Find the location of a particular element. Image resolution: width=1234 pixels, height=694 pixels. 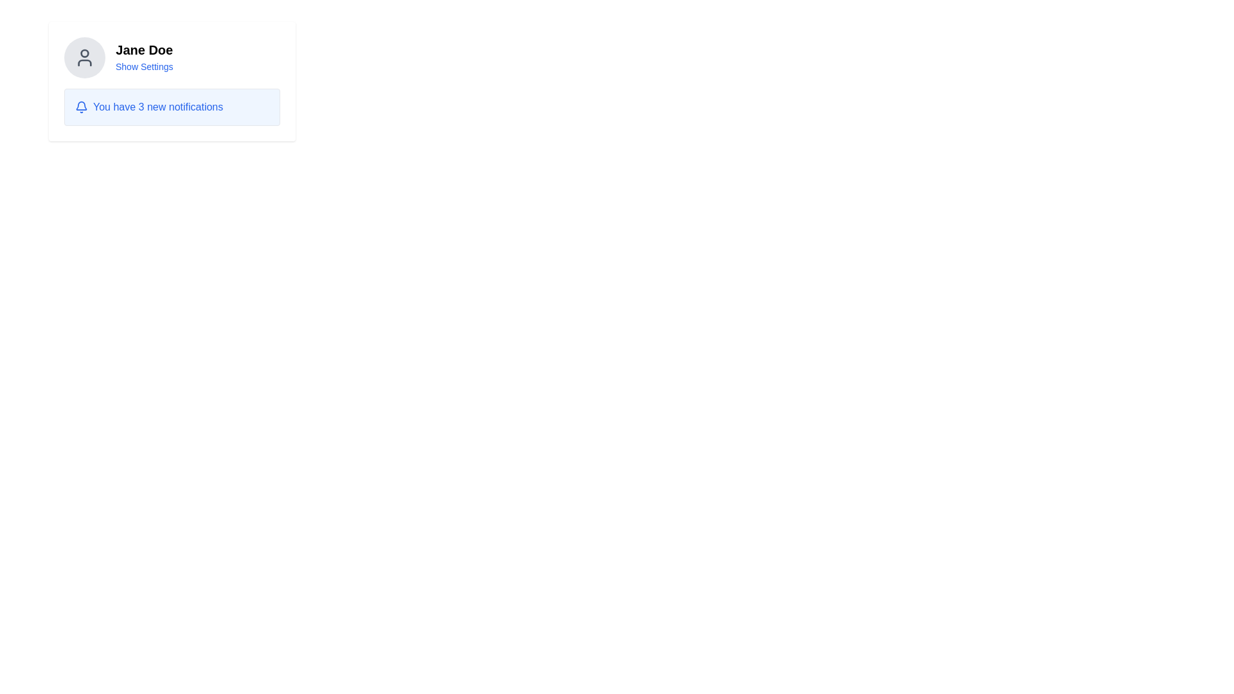

the 'Show Settings' text link located below 'Jane Doe' is located at coordinates (144, 67).